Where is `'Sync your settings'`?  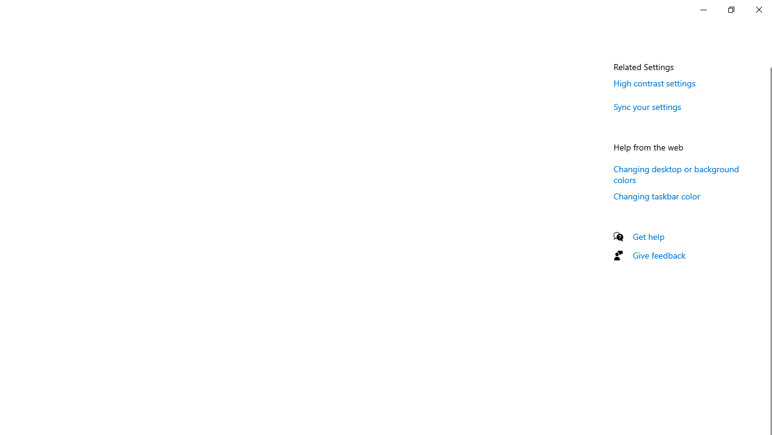
'Sync your settings' is located at coordinates (647, 106).